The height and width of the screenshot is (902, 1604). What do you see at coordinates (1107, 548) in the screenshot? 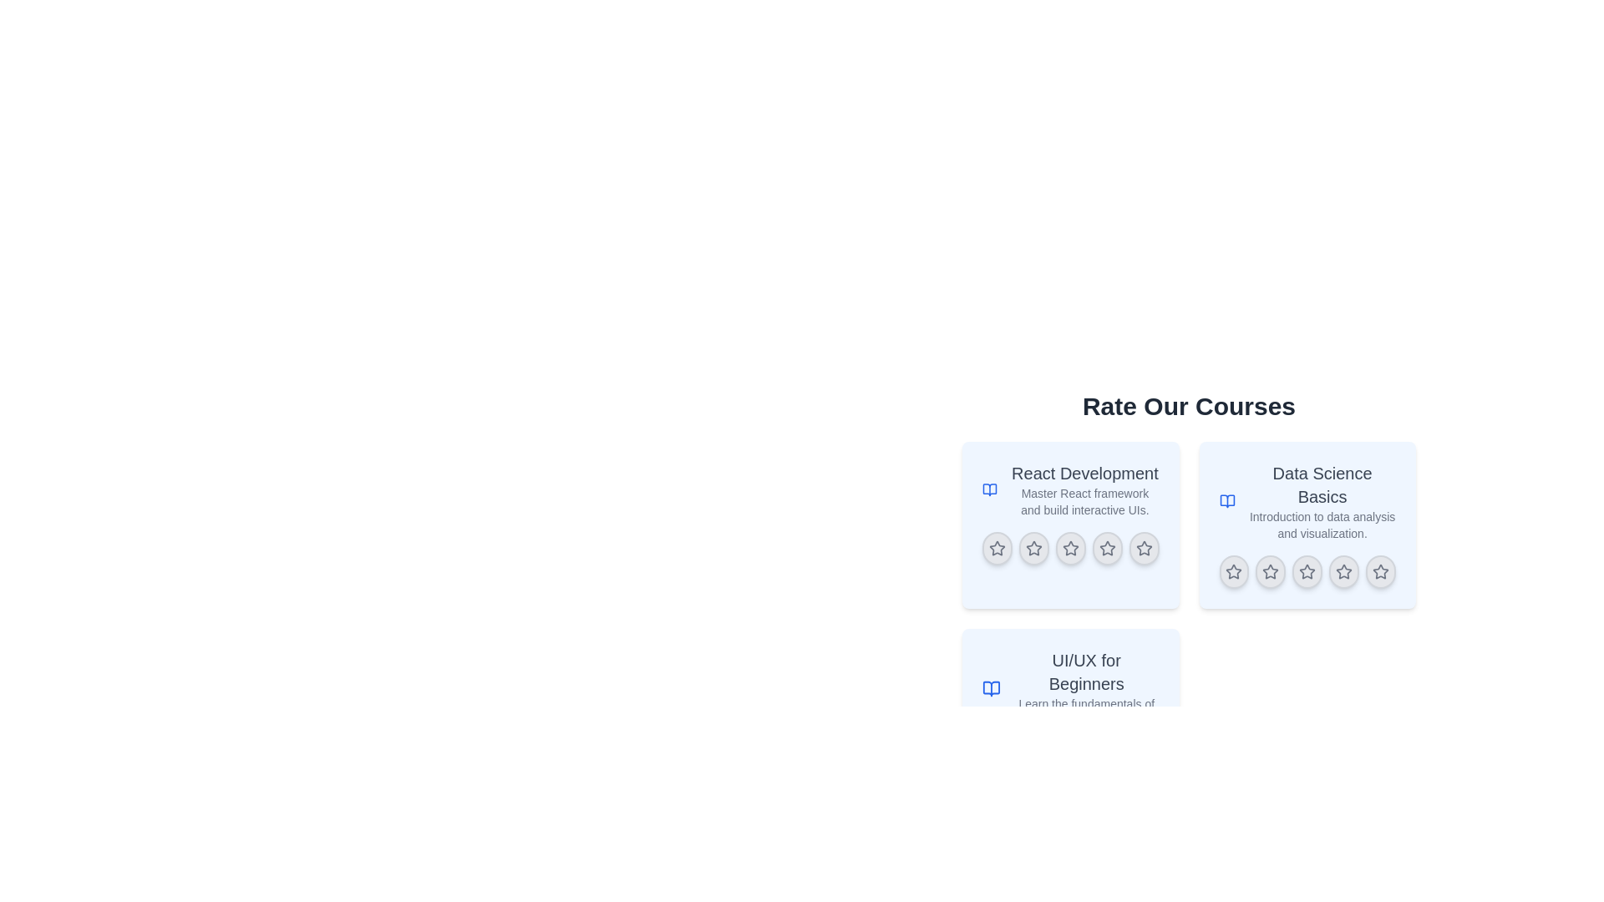
I see `the fourth star icon in the rating system for the 'React Development' course` at bounding box center [1107, 548].